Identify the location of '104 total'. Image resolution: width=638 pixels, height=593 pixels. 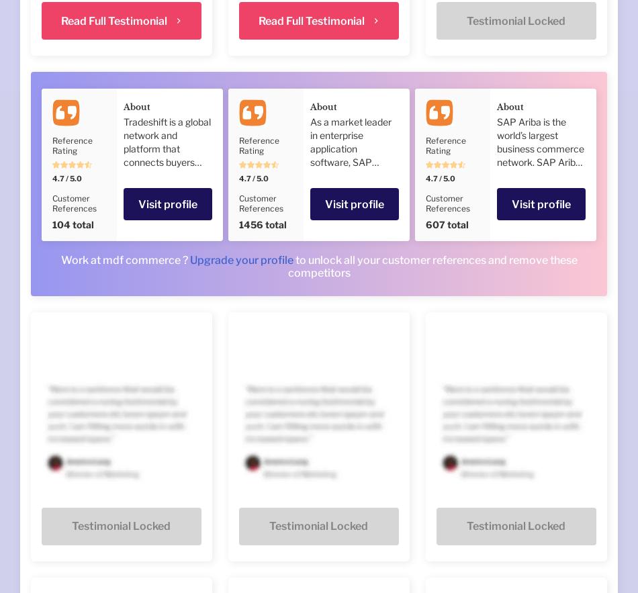
(73, 224).